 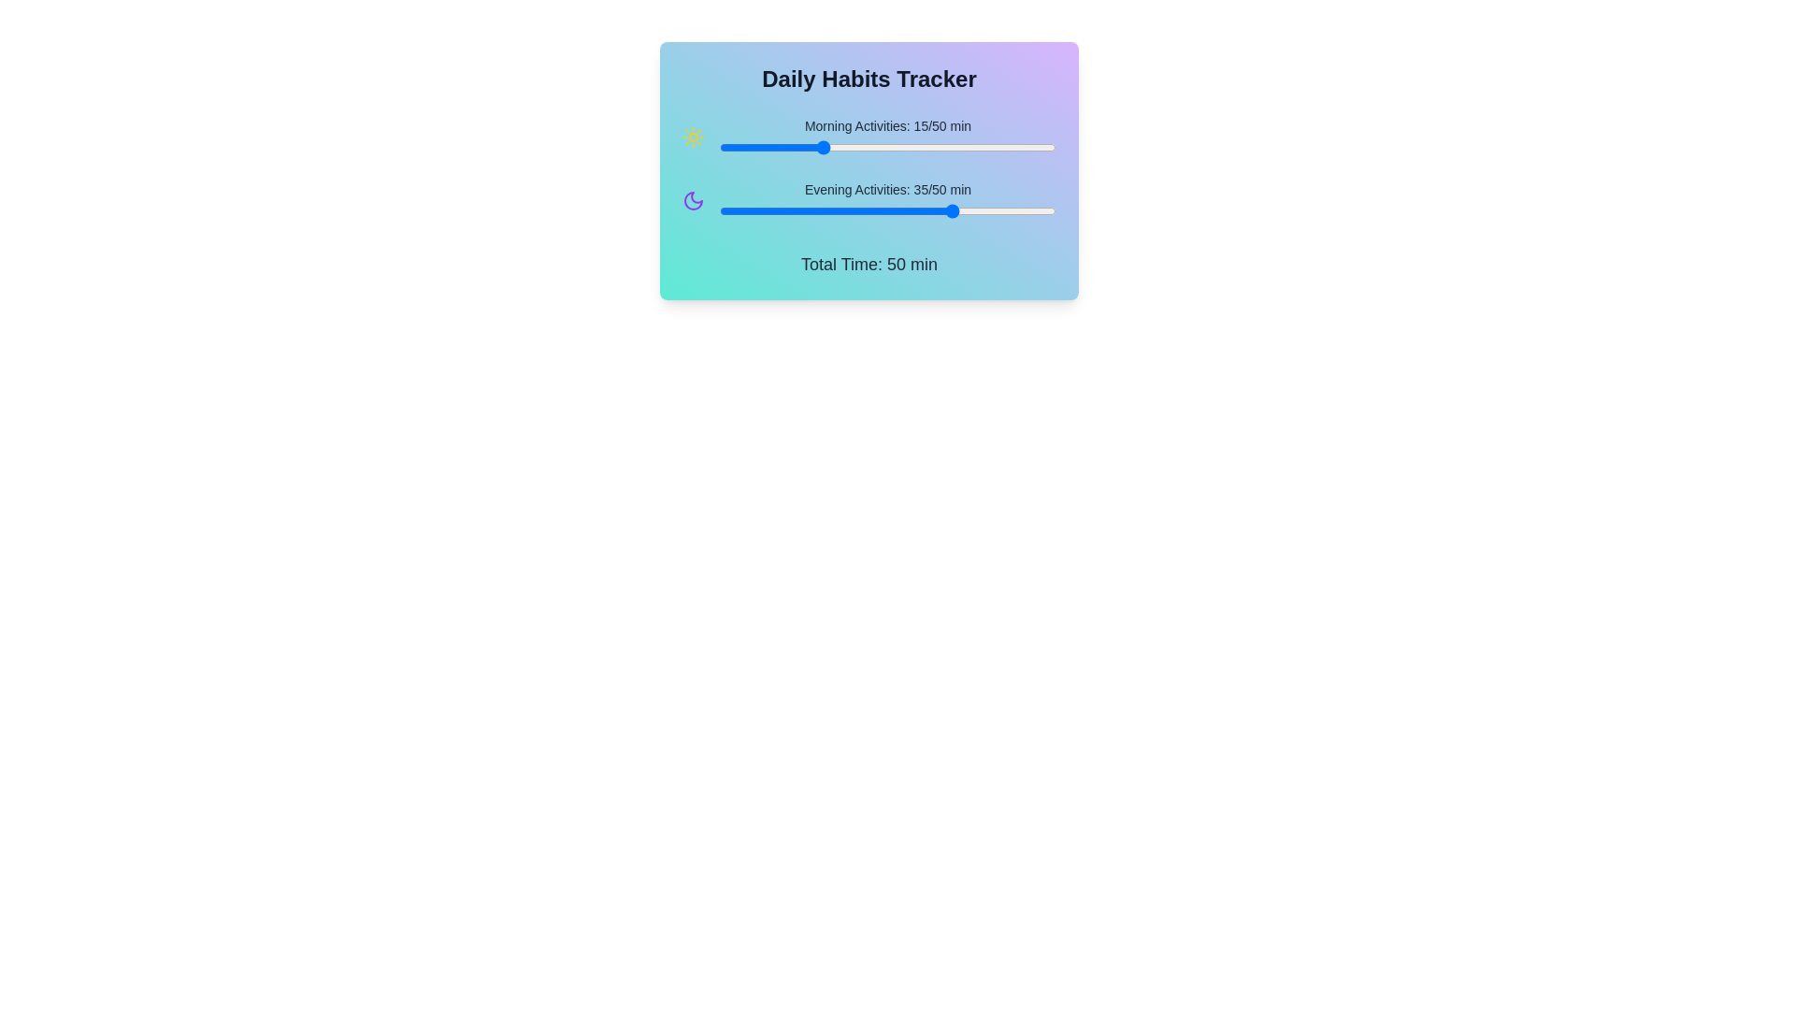 What do you see at coordinates (869, 136) in the screenshot?
I see `the activity progress slider of the 'Morning Activities: 15/50 min' progress tracking component to adjust the value` at bounding box center [869, 136].